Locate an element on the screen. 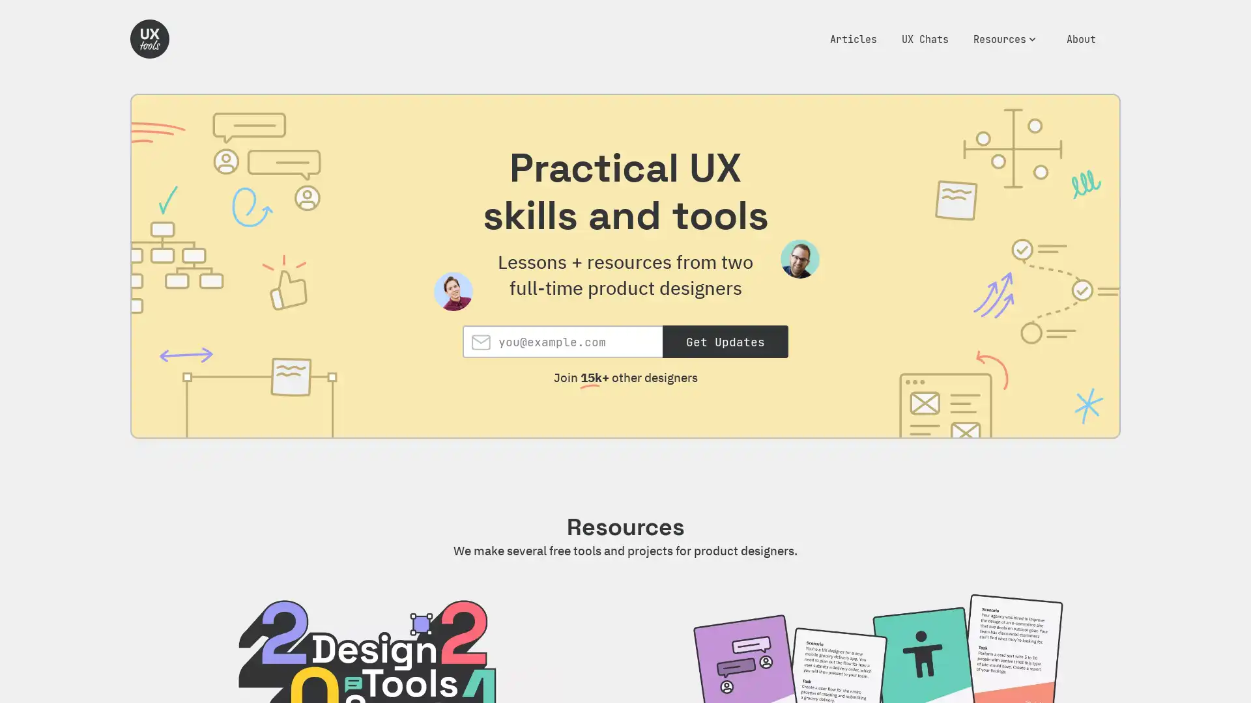  Get Updates is located at coordinates (725, 340).